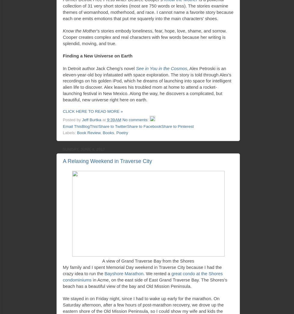  What do you see at coordinates (72, 126) in the screenshot?
I see `'Email This'` at bounding box center [72, 126].